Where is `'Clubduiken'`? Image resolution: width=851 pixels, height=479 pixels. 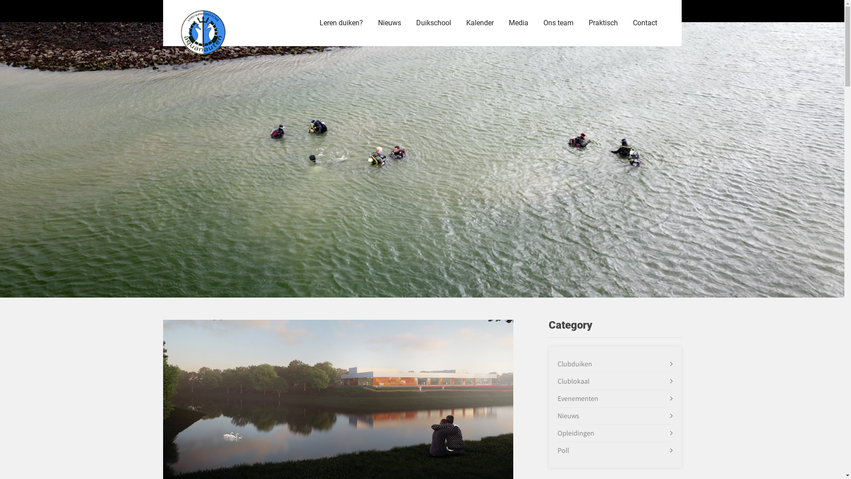 'Clubduiken' is located at coordinates (574, 364).